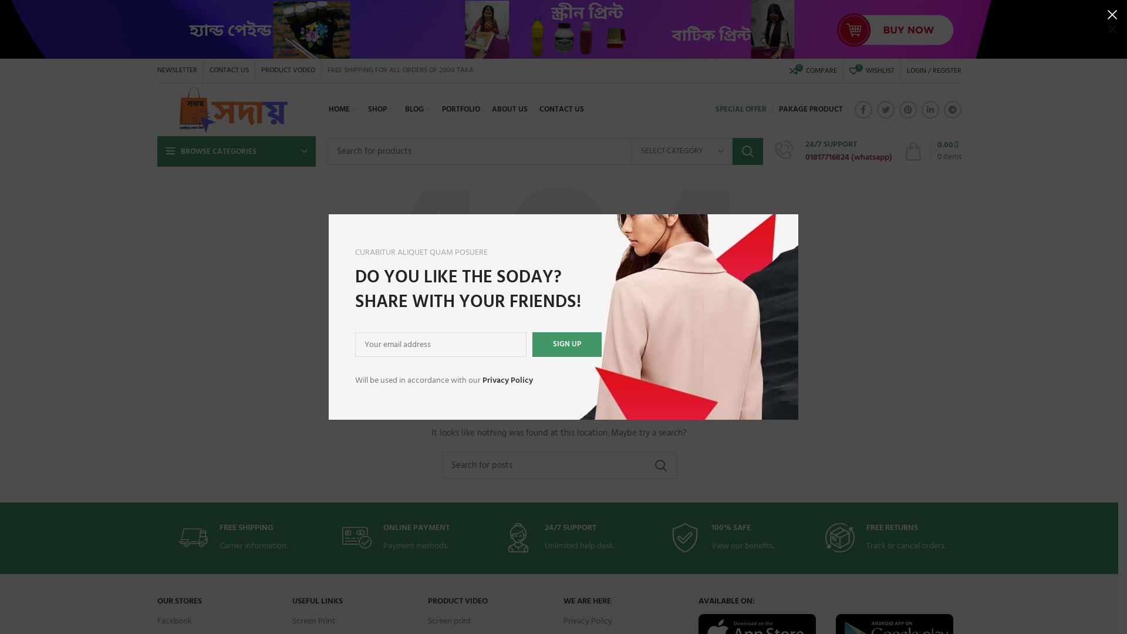 Image resolution: width=1127 pixels, height=634 pixels. What do you see at coordinates (233, 538) in the screenshot?
I see `'FREE SHIPPING` at bounding box center [233, 538].